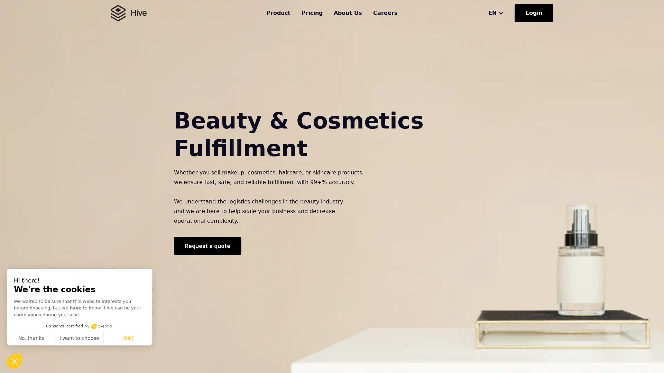  I want to click on No, thanks, so click(31, 338).